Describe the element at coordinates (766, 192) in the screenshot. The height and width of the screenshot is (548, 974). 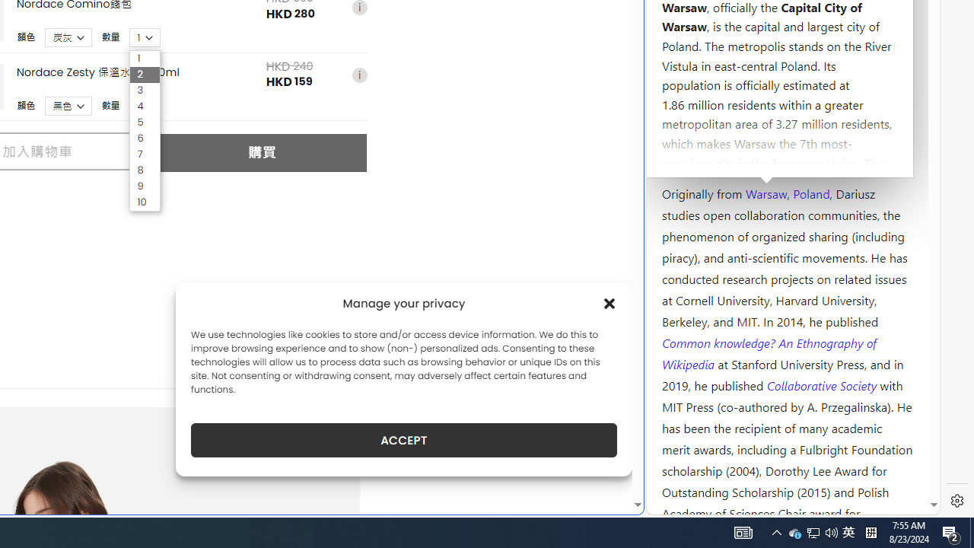
I see `'Warsaw'` at that location.